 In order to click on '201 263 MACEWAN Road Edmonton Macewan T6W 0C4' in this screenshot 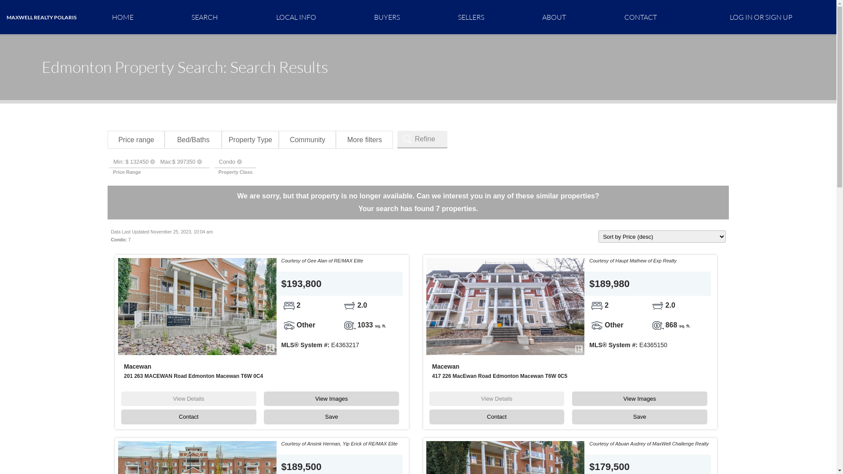, I will do `click(193, 375)`.